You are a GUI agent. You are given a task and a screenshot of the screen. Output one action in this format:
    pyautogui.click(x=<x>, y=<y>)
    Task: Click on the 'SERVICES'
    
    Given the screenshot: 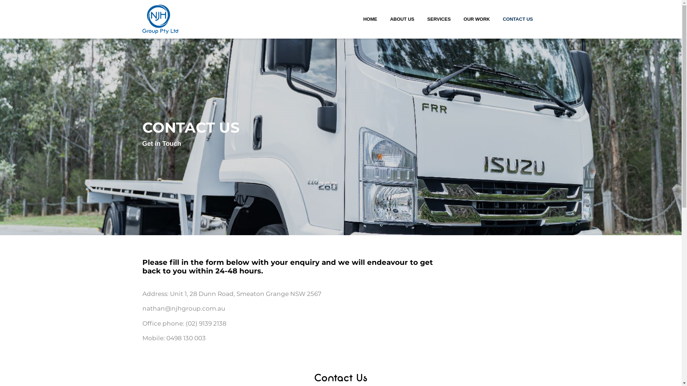 What is the action you would take?
    pyautogui.click(x=424, y=19)
    